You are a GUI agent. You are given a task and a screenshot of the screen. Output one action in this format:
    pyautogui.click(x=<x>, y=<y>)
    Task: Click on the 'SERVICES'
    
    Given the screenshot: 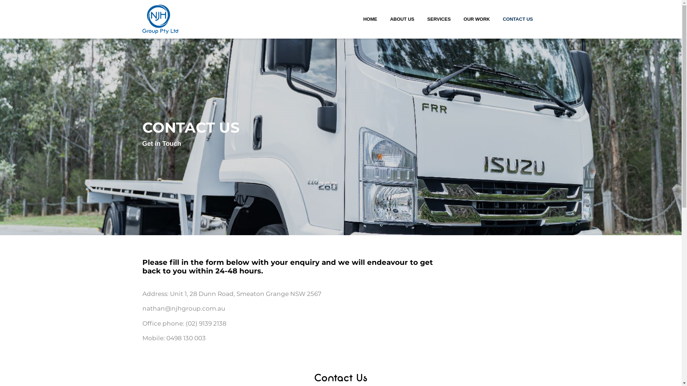 What is the action you would take?
    pyautogui.click(x=424, y=19)
    